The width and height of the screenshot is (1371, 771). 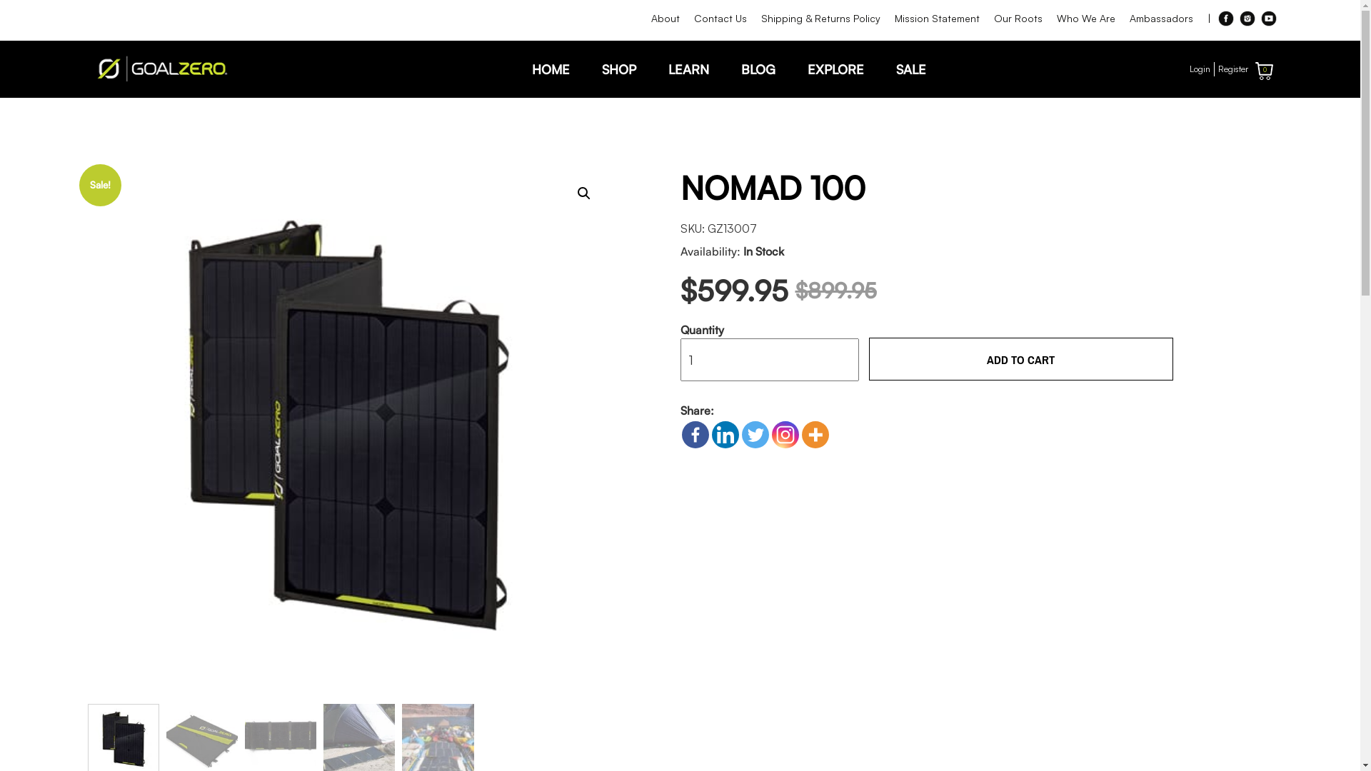 I want to click on 'Login', so click(x=1200, y=69).